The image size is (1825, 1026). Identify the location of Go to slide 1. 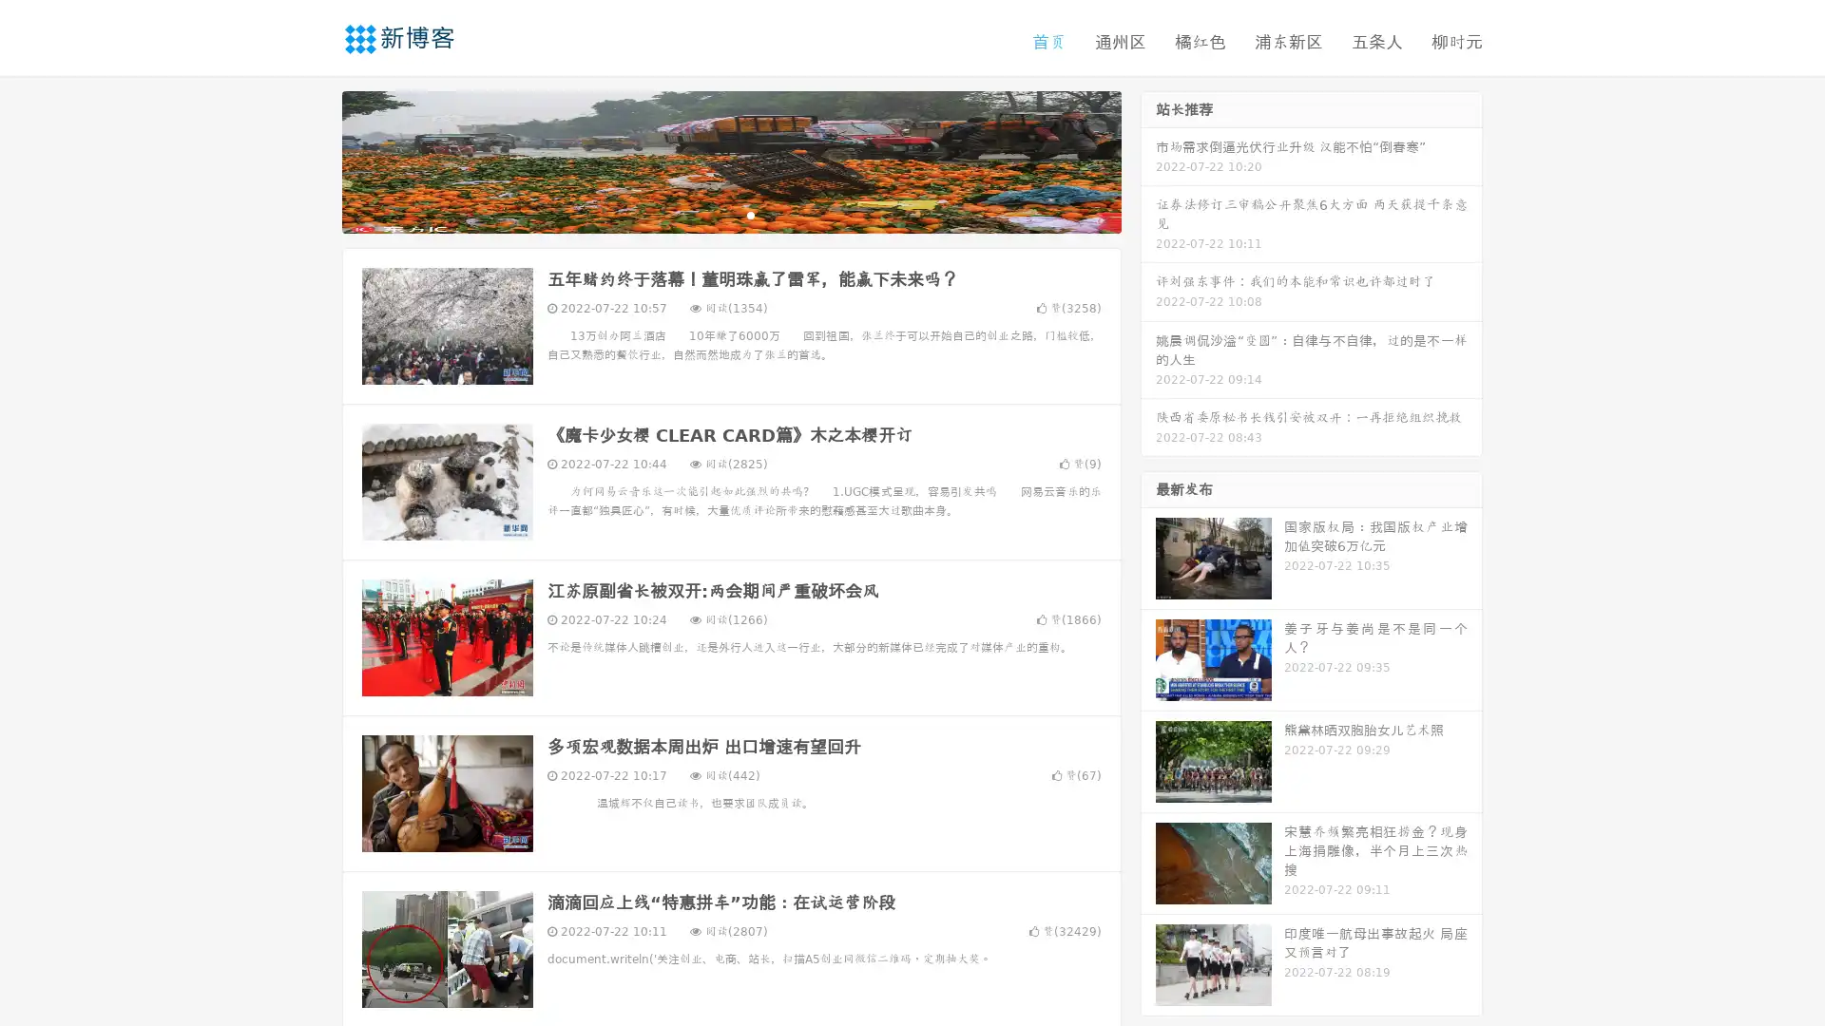
(711, 214).